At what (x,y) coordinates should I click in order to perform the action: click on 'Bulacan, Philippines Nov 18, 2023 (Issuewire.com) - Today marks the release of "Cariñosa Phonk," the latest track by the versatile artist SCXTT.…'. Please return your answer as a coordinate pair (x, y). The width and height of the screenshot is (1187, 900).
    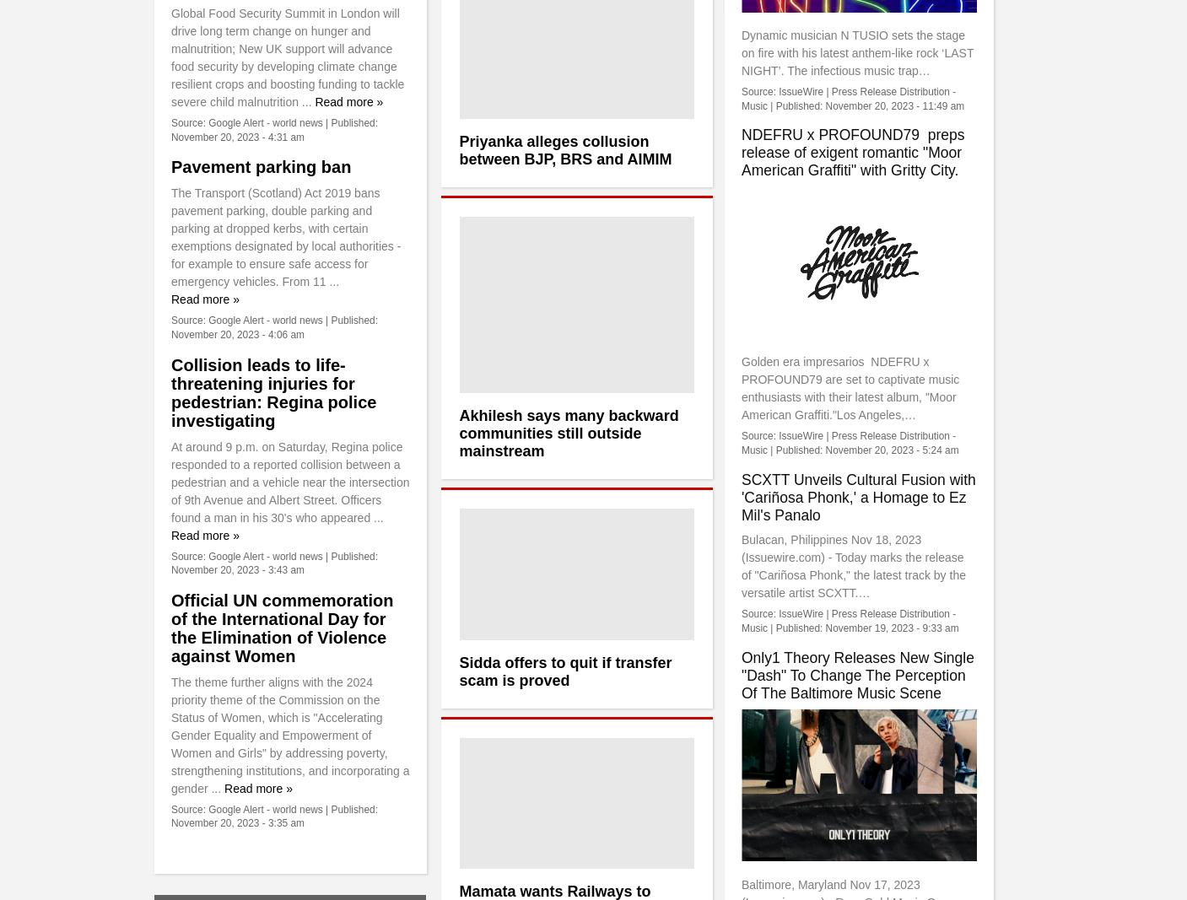
    Looking at the image, I should click on (740, 566).